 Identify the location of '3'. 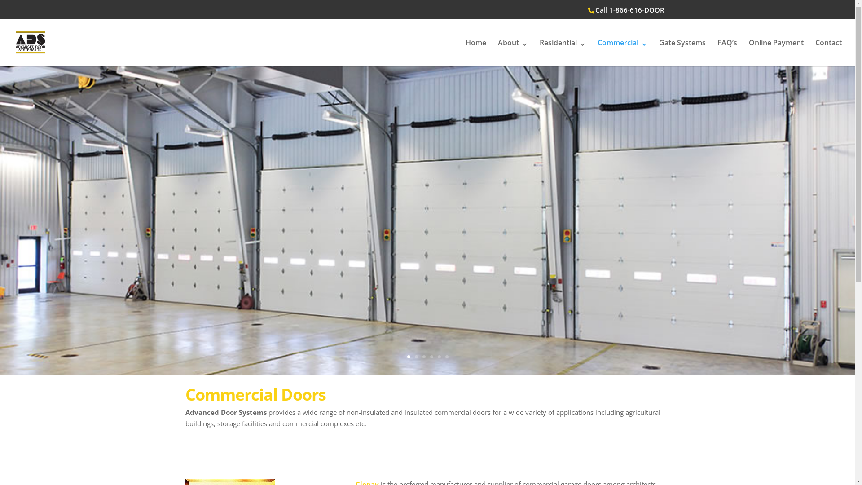
(423, 356).